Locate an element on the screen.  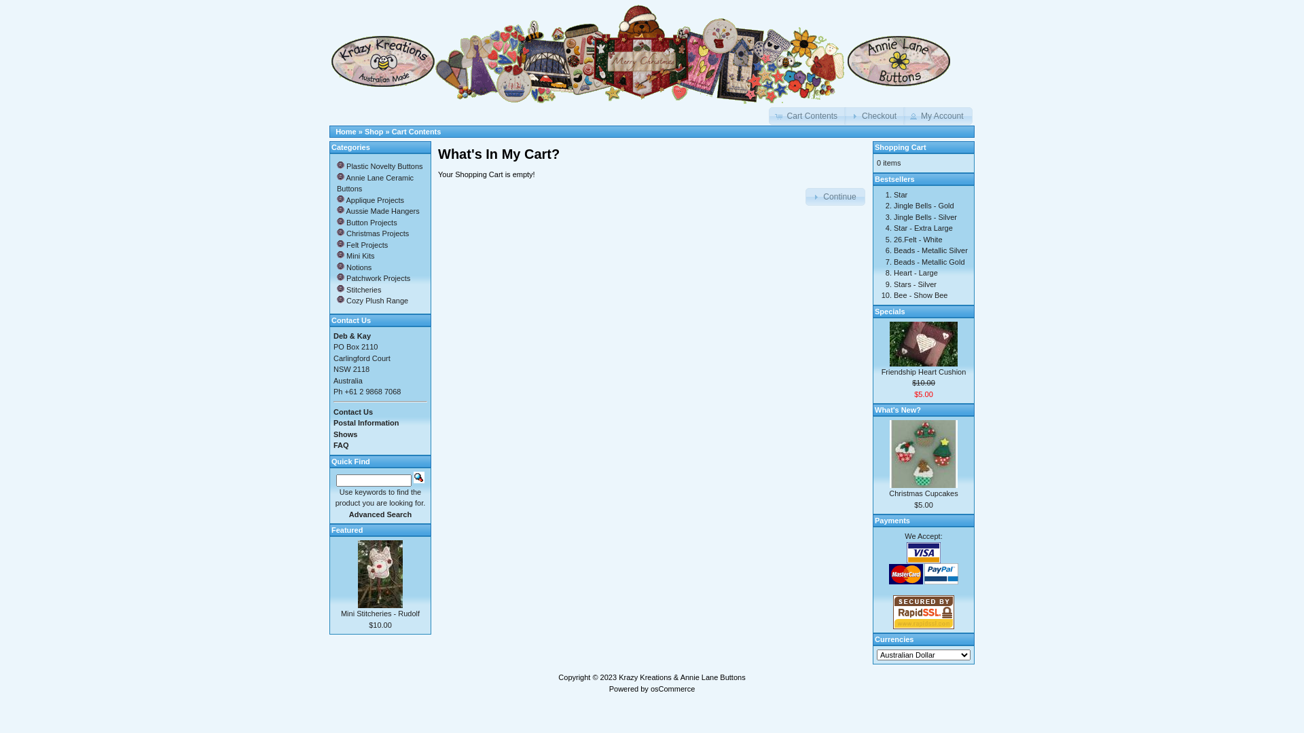
' Aussie Made Hangers' is located at coordinates (378, 211).